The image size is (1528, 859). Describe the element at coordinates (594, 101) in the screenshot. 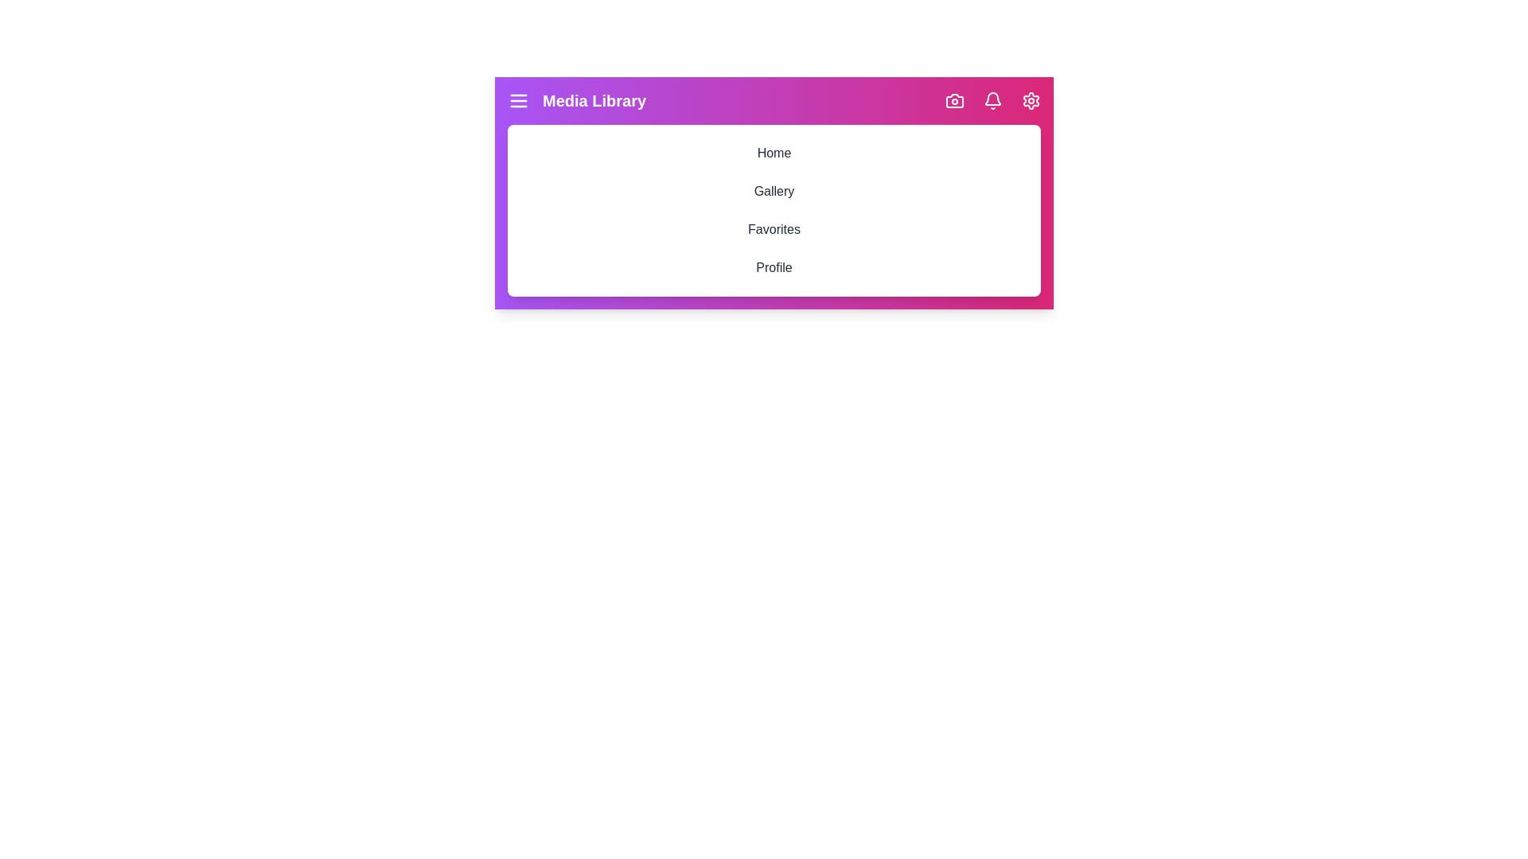

I see `the header text 'Media Library'` at that location.